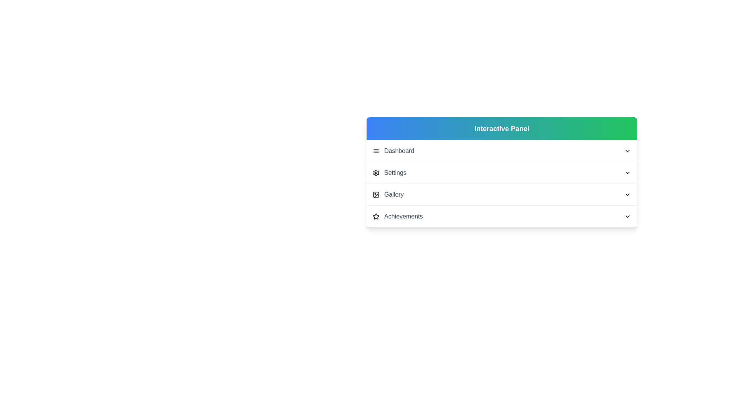  What do you see at coordinates (376, 216) in the screenshot?
I see `the star icon located to the left of the text label 'Achievements' in the fourth row of the menu` at bounding box center [376, 216].